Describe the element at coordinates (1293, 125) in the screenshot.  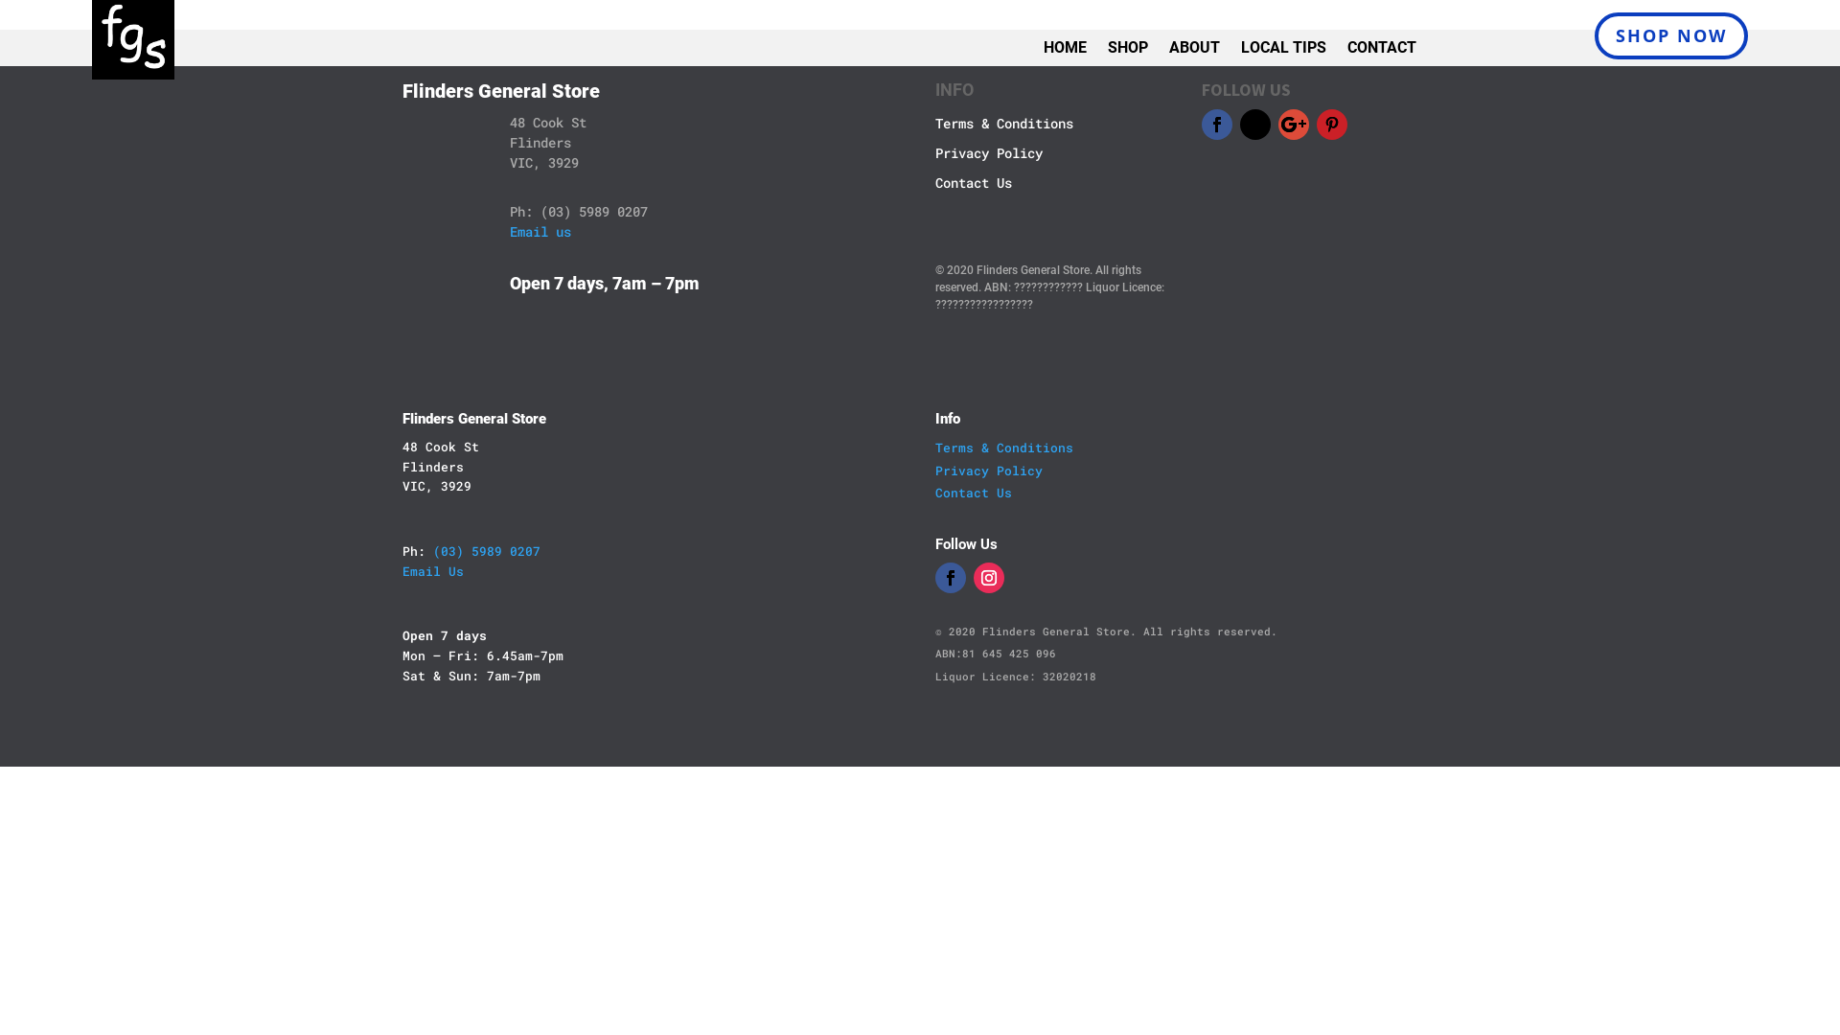
I see `'Follow on Google+'` at that location.